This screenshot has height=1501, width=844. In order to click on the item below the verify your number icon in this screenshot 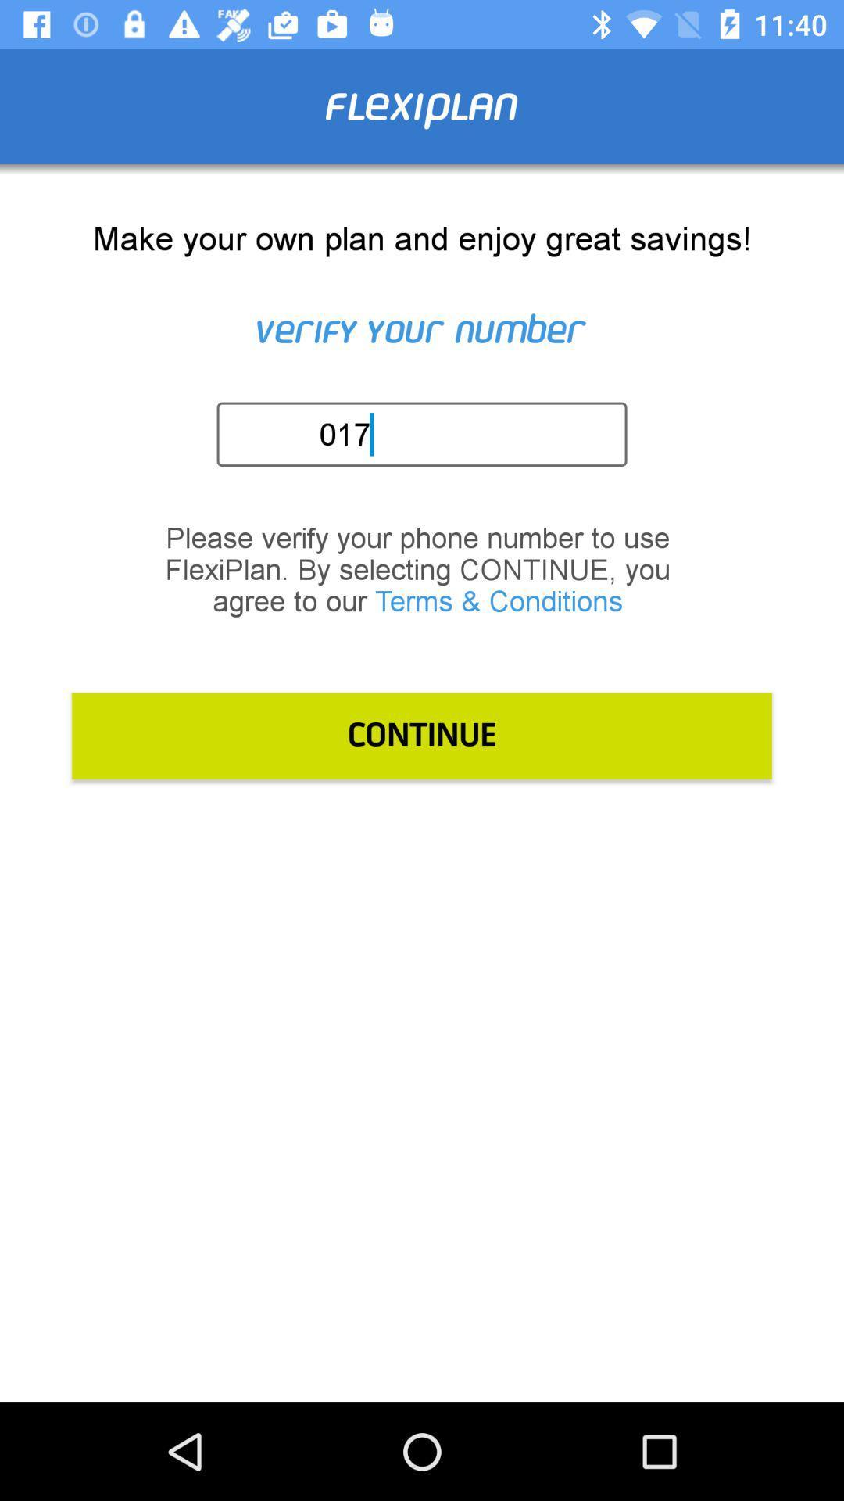, I will do `click(427, 434)`.